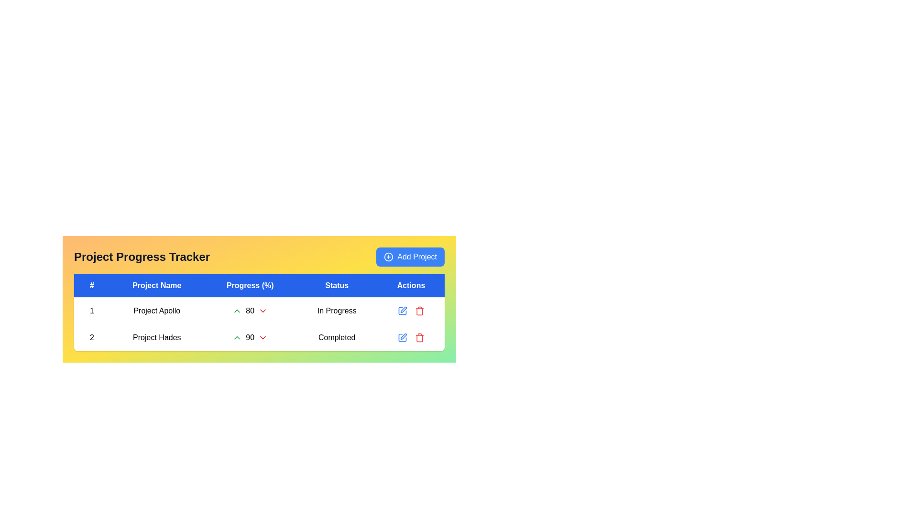 Image resolution: width=918 pixels, height=516 pixels. I want to click on the pencil icon in the 'Actions' column of the first row, so click(411, 311).